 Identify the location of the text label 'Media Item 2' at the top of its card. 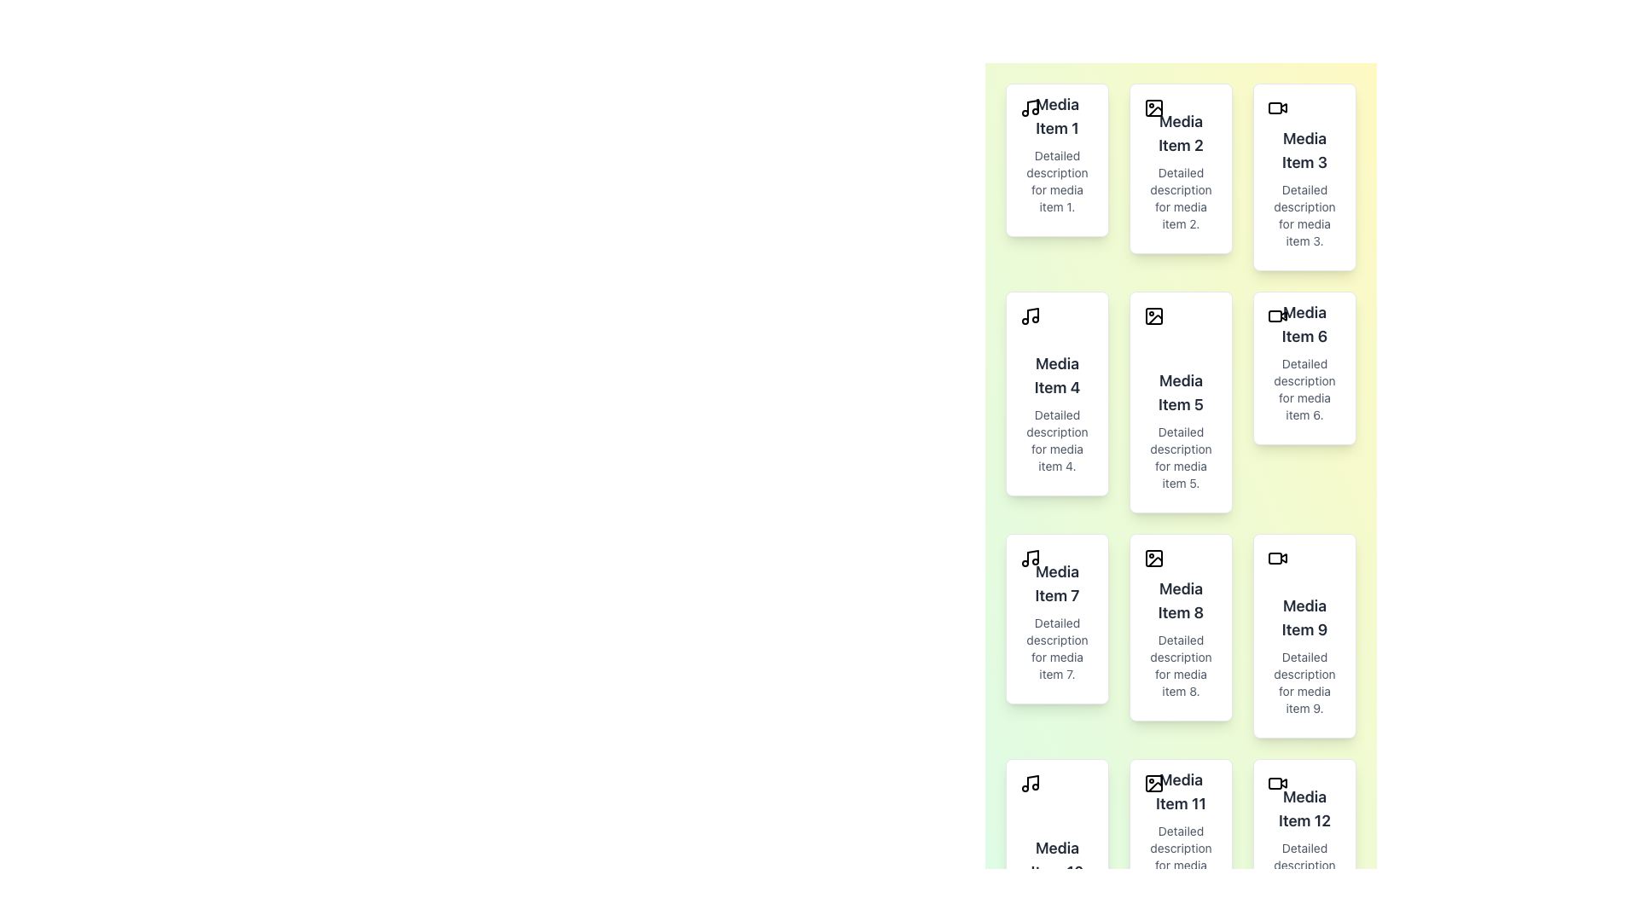
(1180, 133).